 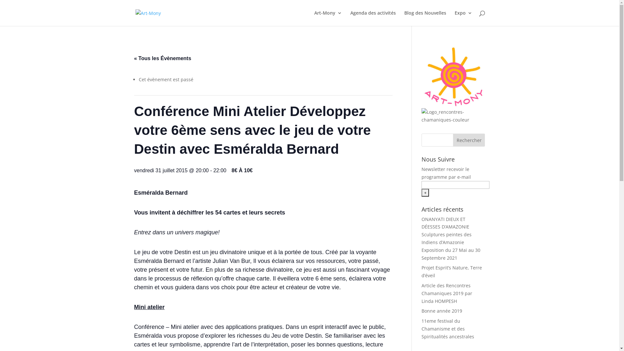 I want to click on 'Art-Mony', so click(x=314, y=18).